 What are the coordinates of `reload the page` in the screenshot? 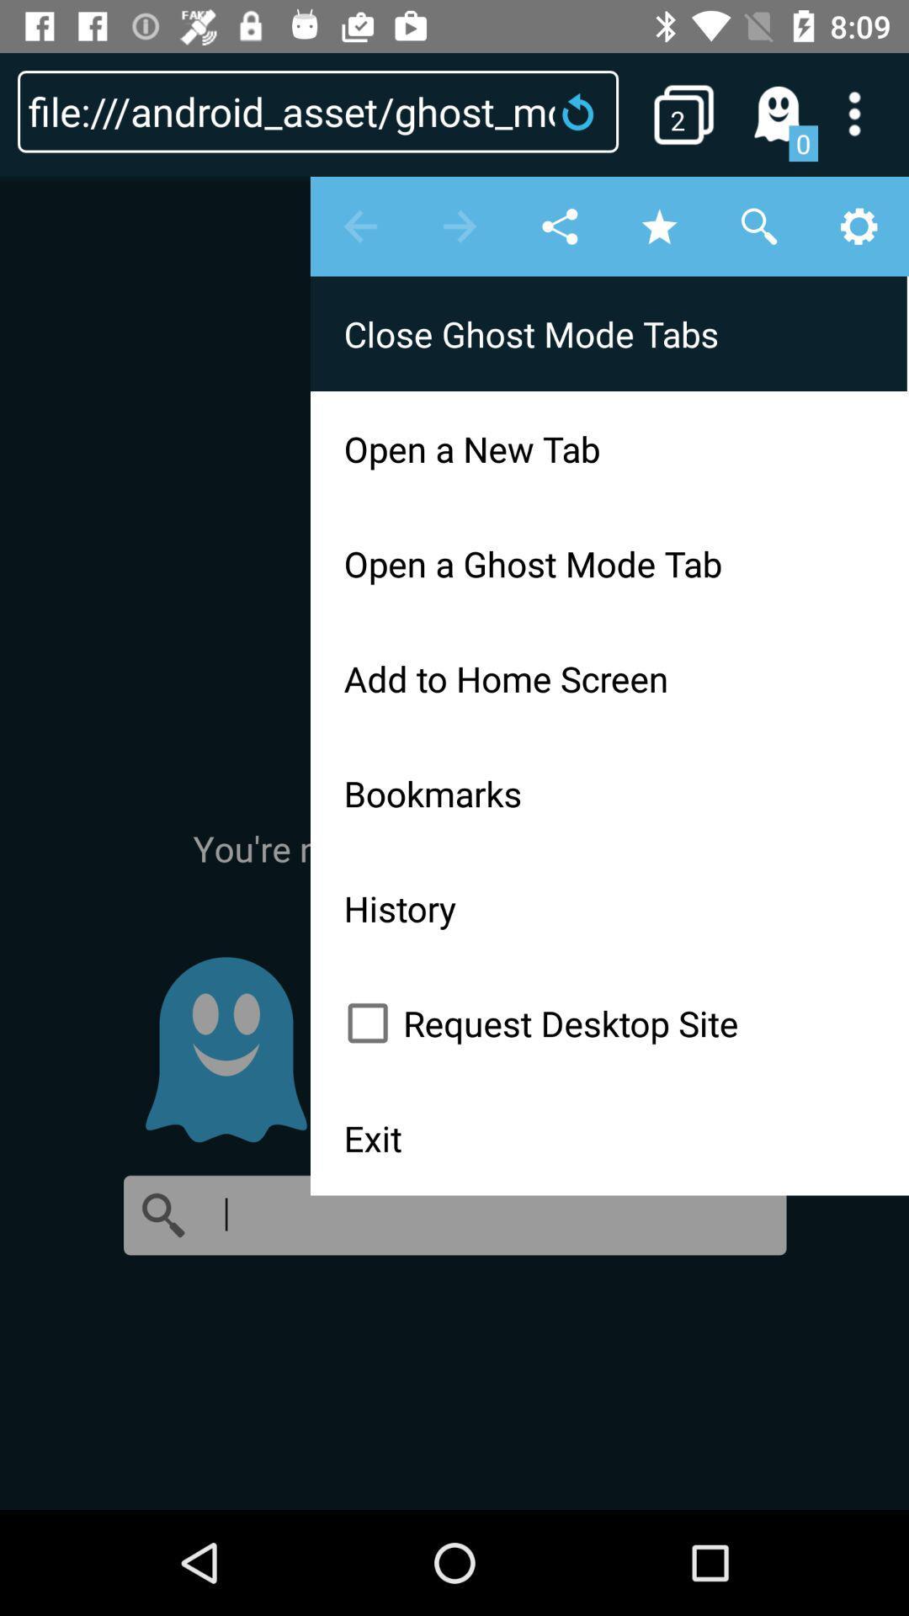 It's located at (582, 110).